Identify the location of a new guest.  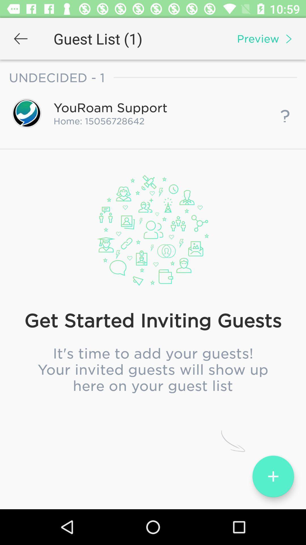
(273, 476).